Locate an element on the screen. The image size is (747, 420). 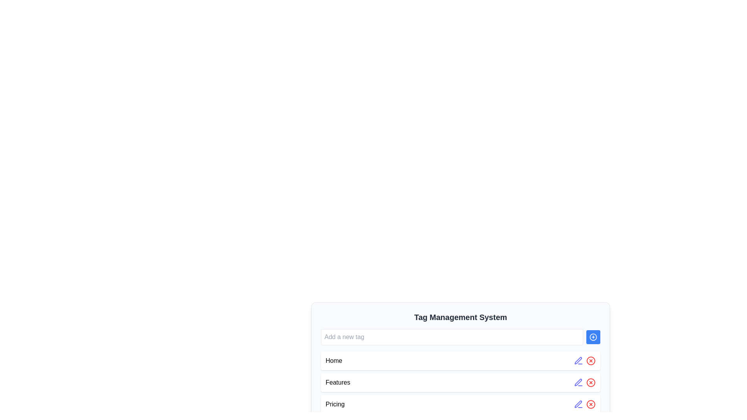
the delete button, which is the last icon in a horizontally aligned group located to the right of a text input field in a list entry is located at coordinates (591, 361).